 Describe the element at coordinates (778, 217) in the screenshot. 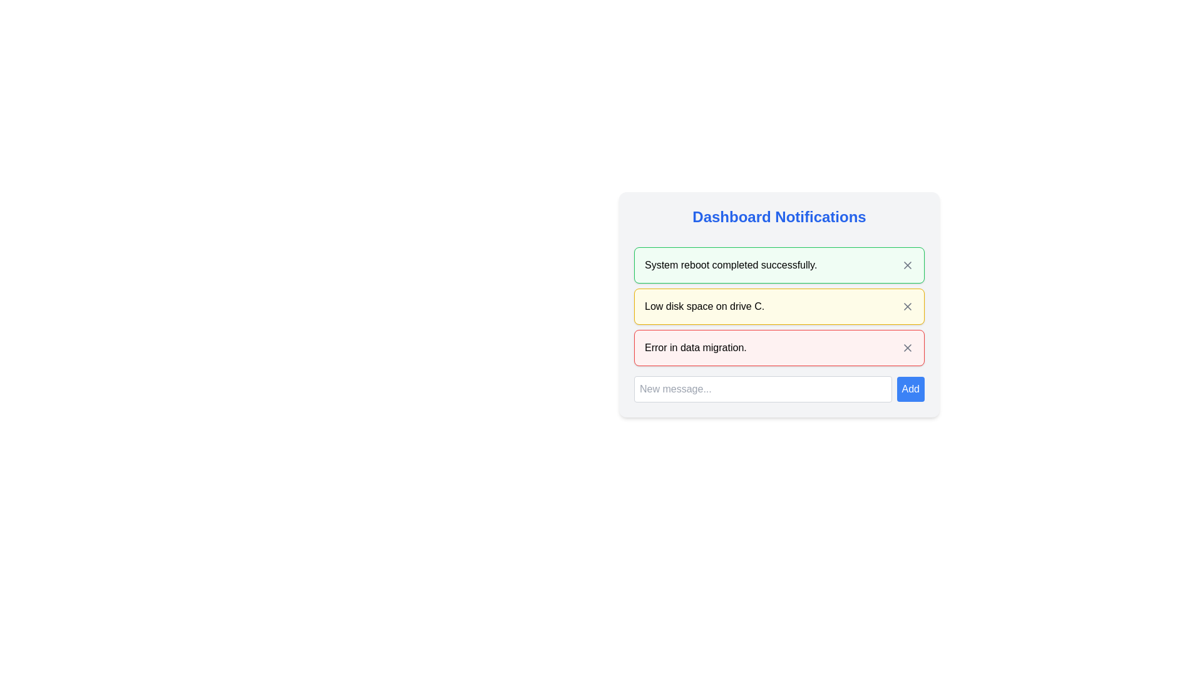

I see `the text label styled in large, bold blue font that reads 'Dashboard Notifications', located at the top of the notification card component` at that location.